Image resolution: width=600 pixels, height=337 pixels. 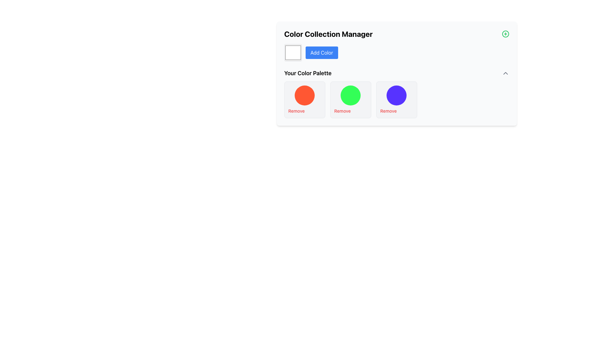 I want to click on the Color input box, which is a minimalistic square with a white background, located, so click(x=292, y=52).